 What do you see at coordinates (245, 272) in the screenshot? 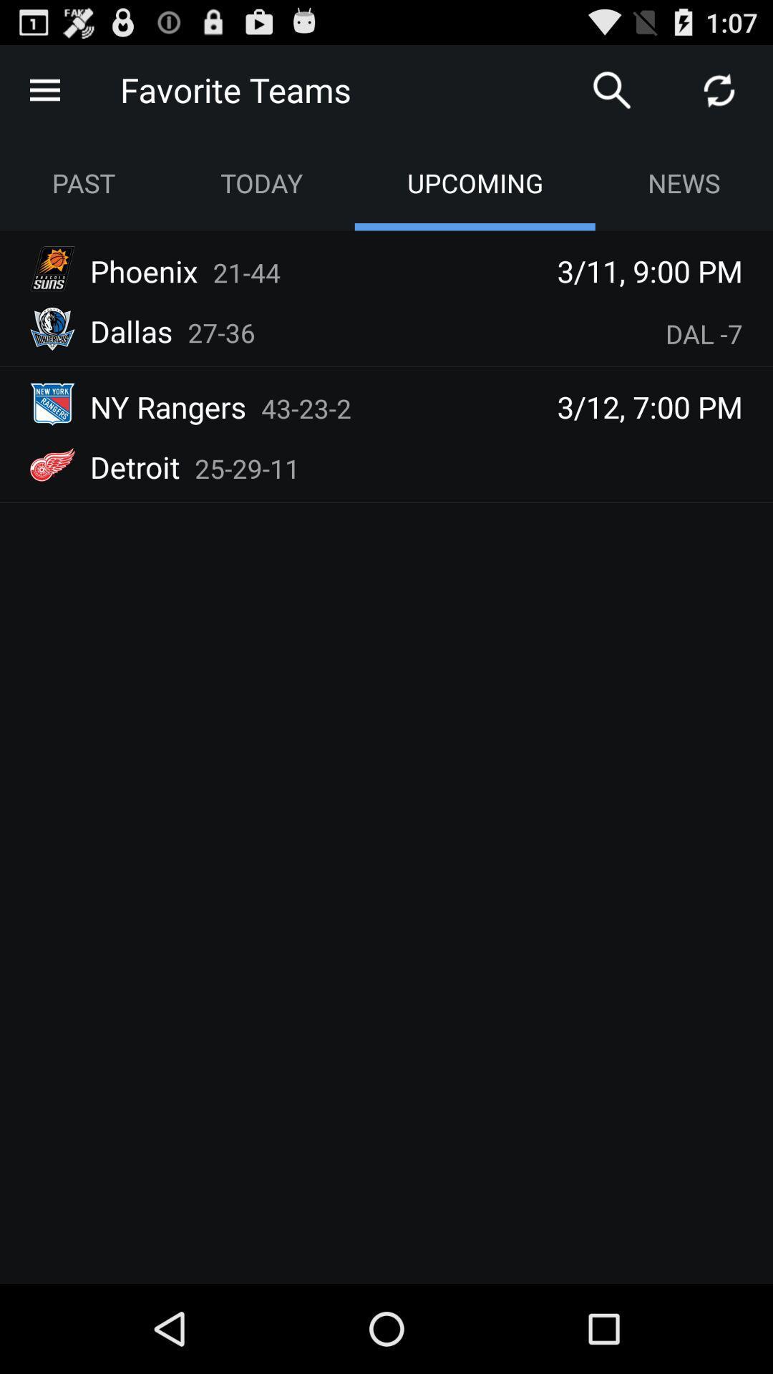
I see `the app above 27-36 icon` at bounding box center [245, 272].